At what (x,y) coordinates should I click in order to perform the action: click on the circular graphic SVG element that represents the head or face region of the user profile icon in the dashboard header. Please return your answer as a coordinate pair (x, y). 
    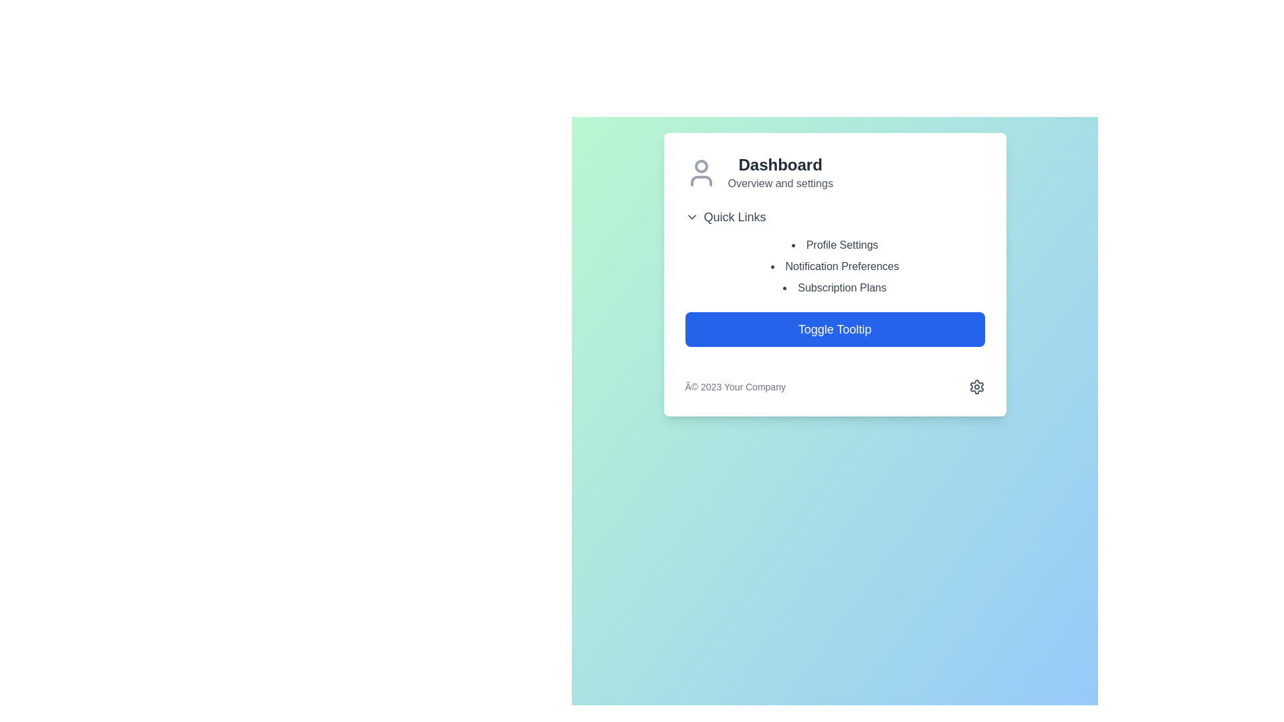
    Looking at the image, I should click on (700, 166).